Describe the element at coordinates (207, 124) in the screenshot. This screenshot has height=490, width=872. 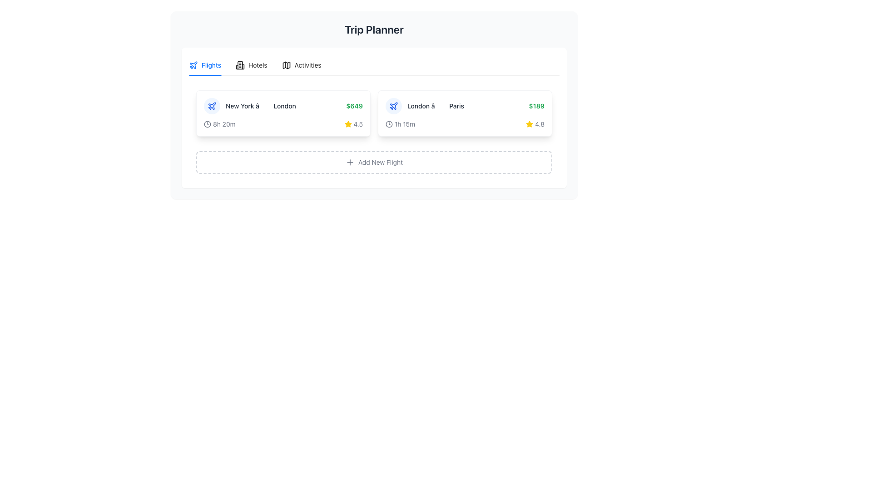
I see `the clock icon representing the flight duration located in the first card of the flight planner interface, adjacent to the text '8h 20m'` at that location.